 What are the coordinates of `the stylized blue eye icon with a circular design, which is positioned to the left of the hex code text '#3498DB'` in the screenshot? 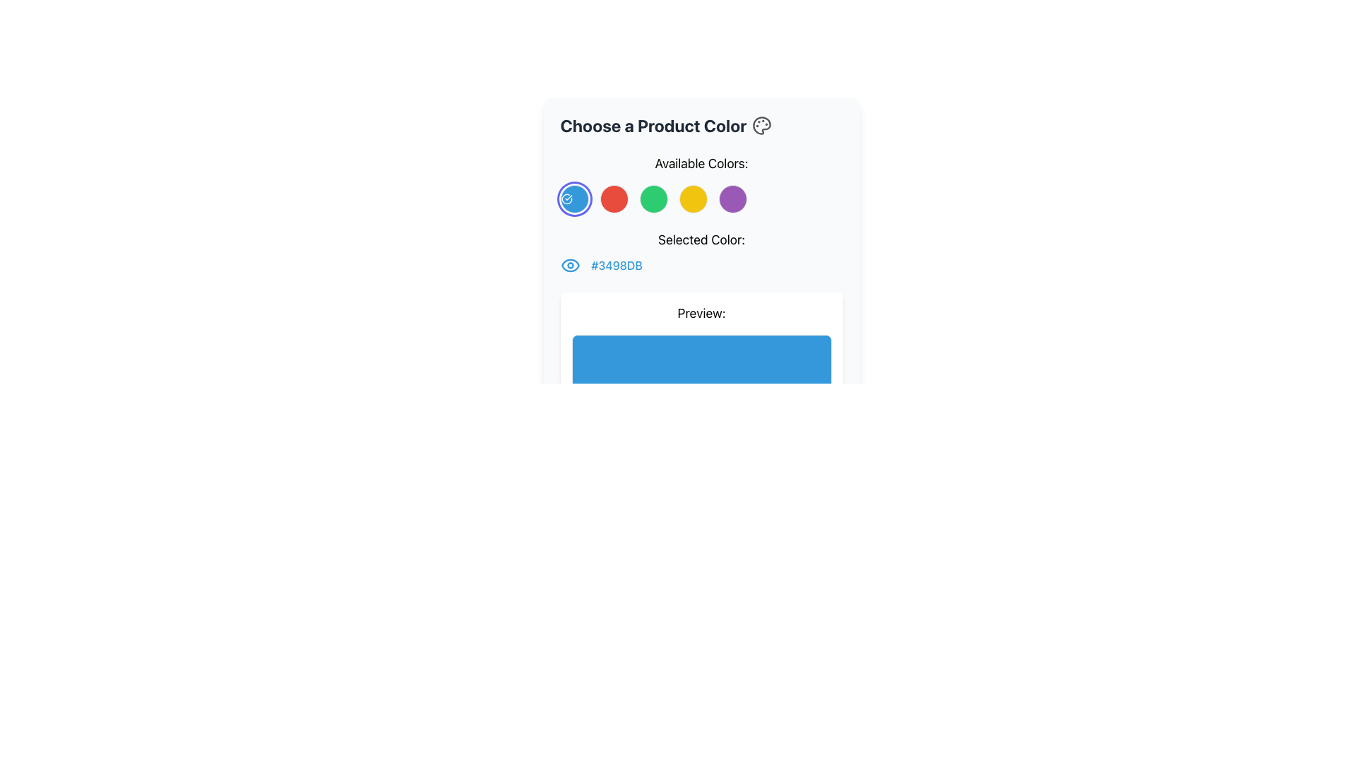 It's located at (570, 265).